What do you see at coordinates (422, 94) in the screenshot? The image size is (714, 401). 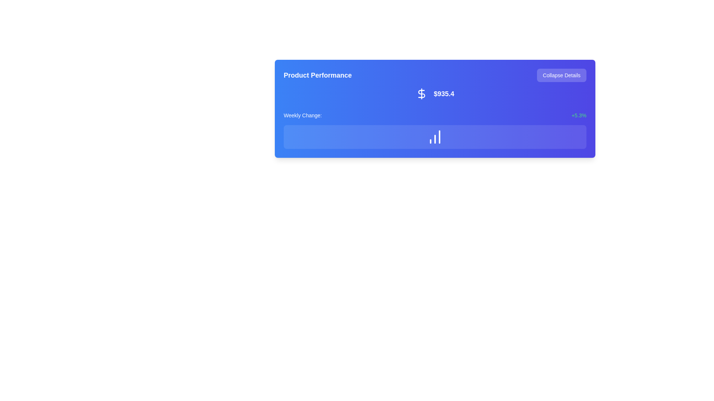 I see `the design of the dollar sign icon, which is located on the top right part of the user interface, directly to the left of the text displaying '$935.4'` at bounding box center [422, 94].